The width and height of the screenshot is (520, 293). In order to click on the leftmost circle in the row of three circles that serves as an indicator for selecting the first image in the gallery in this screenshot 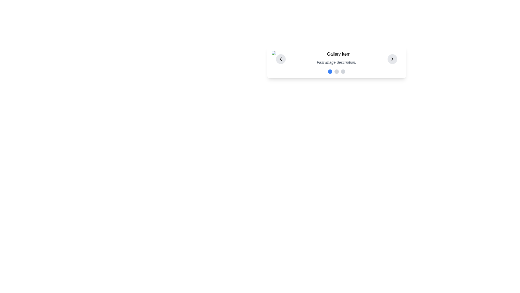, I will do `click(330, 71)`.